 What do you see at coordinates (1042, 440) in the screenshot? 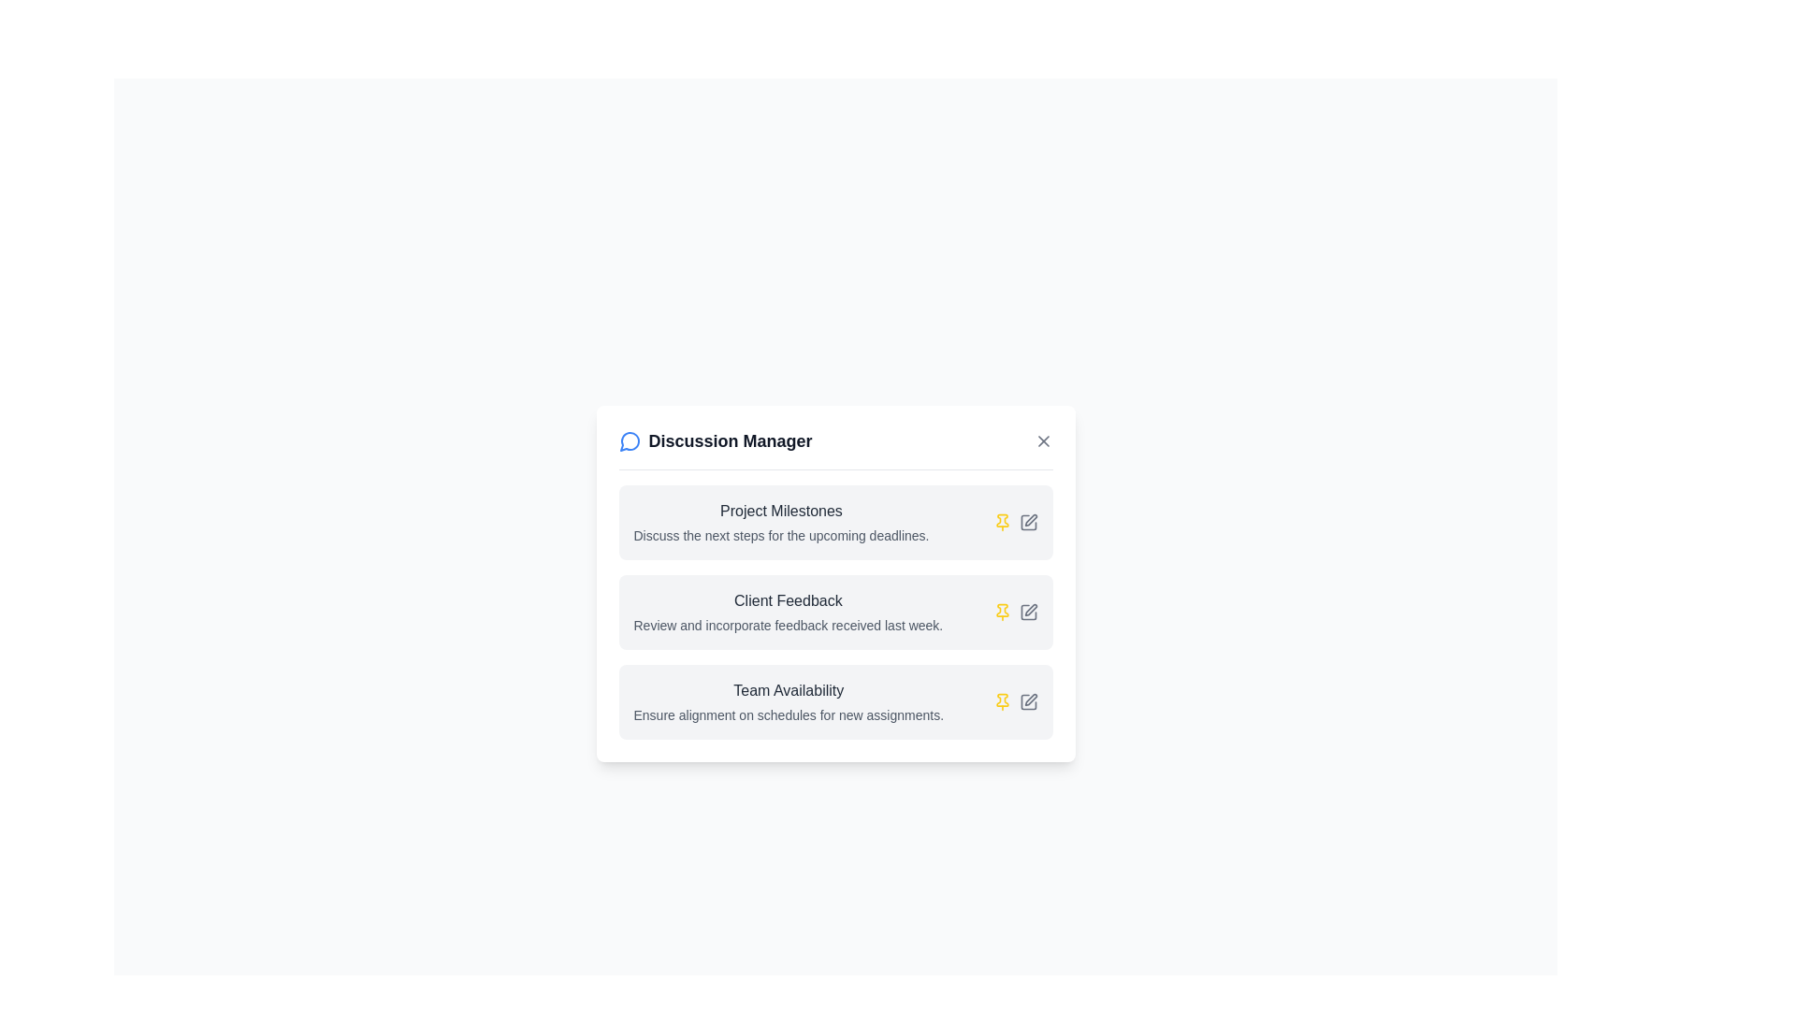
I see `the close icon in the top-right corner of the Discussion Manager module` at bounding box center [1042, 440].